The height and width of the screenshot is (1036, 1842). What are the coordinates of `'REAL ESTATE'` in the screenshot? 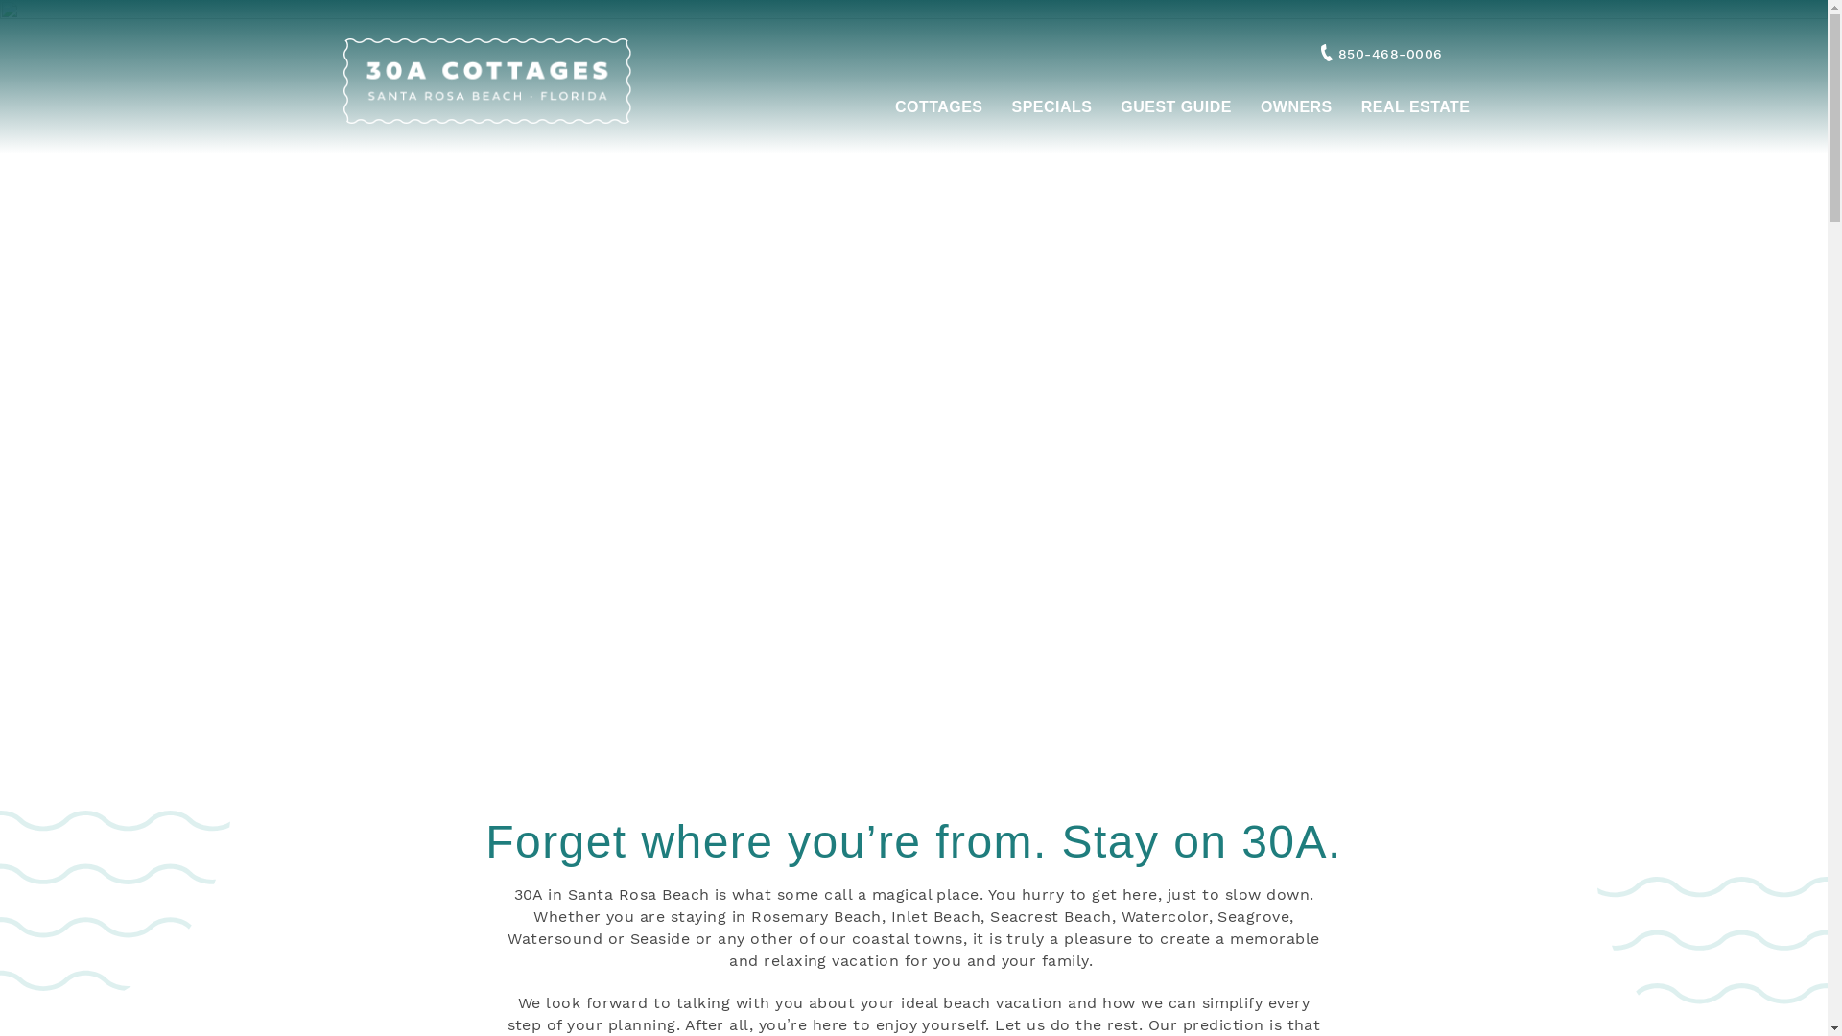 It's located at (1345, 109).